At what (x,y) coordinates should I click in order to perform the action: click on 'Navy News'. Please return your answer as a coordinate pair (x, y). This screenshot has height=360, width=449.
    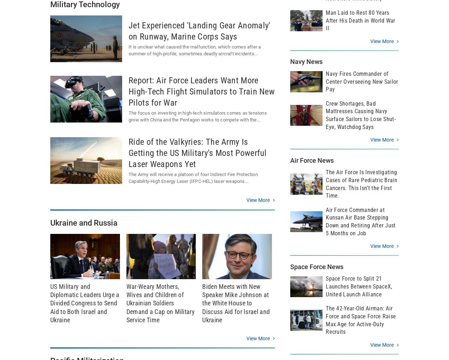
    Looking at the image, I should click on (306, 61).